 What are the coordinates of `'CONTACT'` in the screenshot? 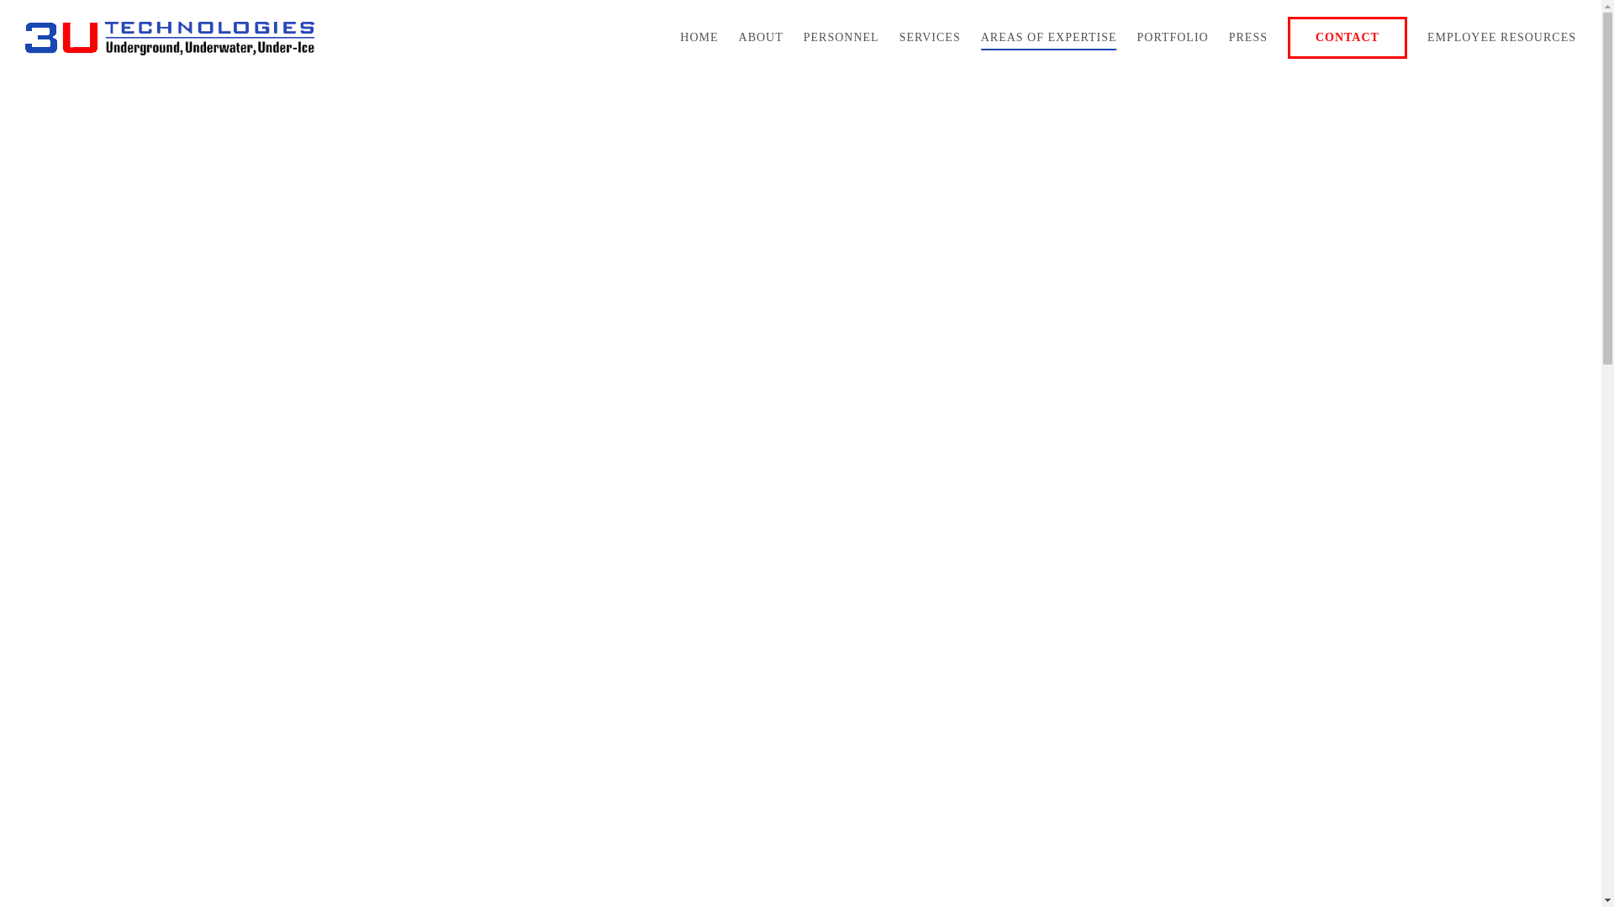 It's located at (1348, 38).